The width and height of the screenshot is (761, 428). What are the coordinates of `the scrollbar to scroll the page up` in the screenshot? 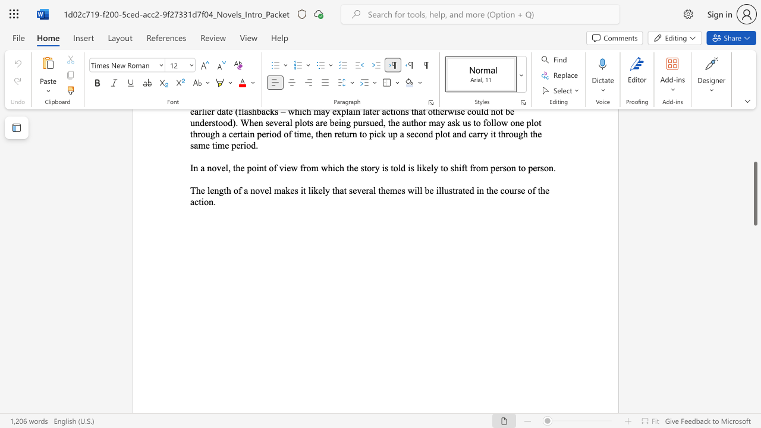 It's located at (754, 141).